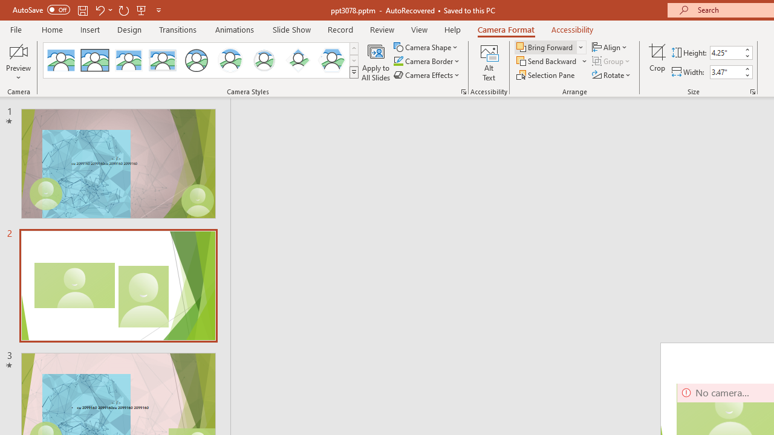  What do you see at coordinates (332, 60) in the screenshot?
I see `'Center Shadow Hexagon'` at bounding box center [332, 60].